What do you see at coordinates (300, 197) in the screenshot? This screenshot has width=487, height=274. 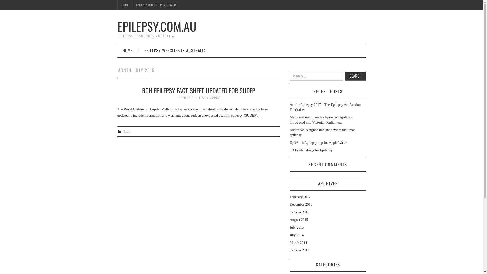 I see `'February 2017'` at bounding box center [300, 197].